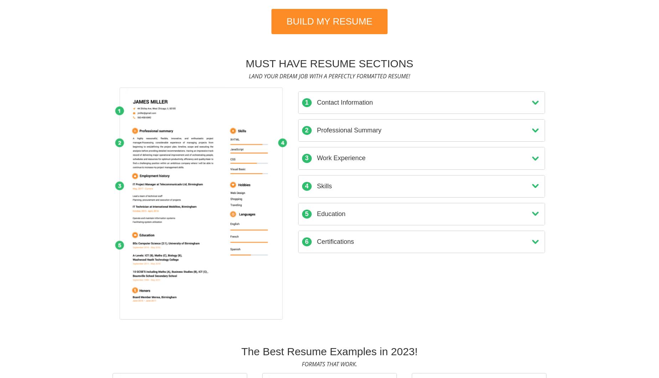 Image resolution: width=659 pixels, height=378 pixels. Describe the element at coordinates (334, 241) in the screenshot. I see `'Certifications'` at that location.